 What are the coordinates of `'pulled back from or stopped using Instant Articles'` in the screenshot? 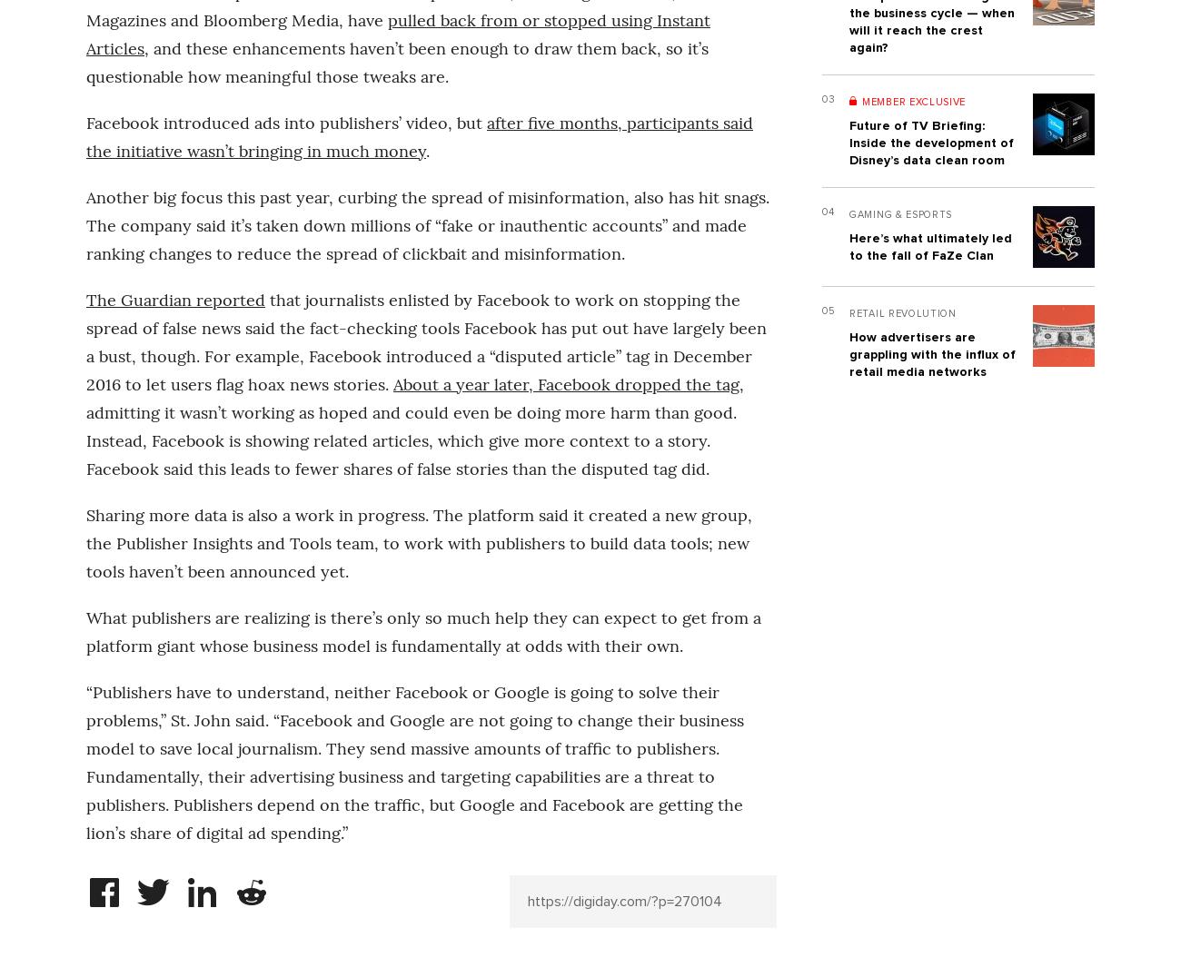 It's located at (397, 33).